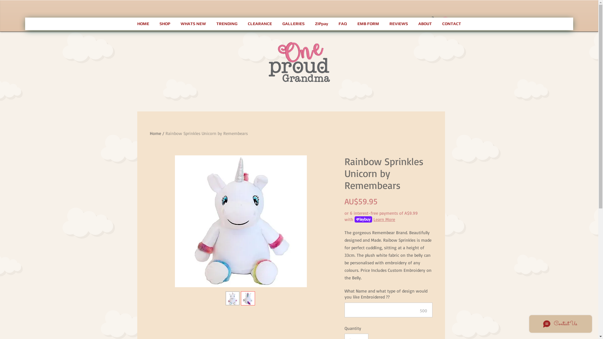 This screenshot has width=603, height=339. I want to click on 'Learn More', so click(373, 219).